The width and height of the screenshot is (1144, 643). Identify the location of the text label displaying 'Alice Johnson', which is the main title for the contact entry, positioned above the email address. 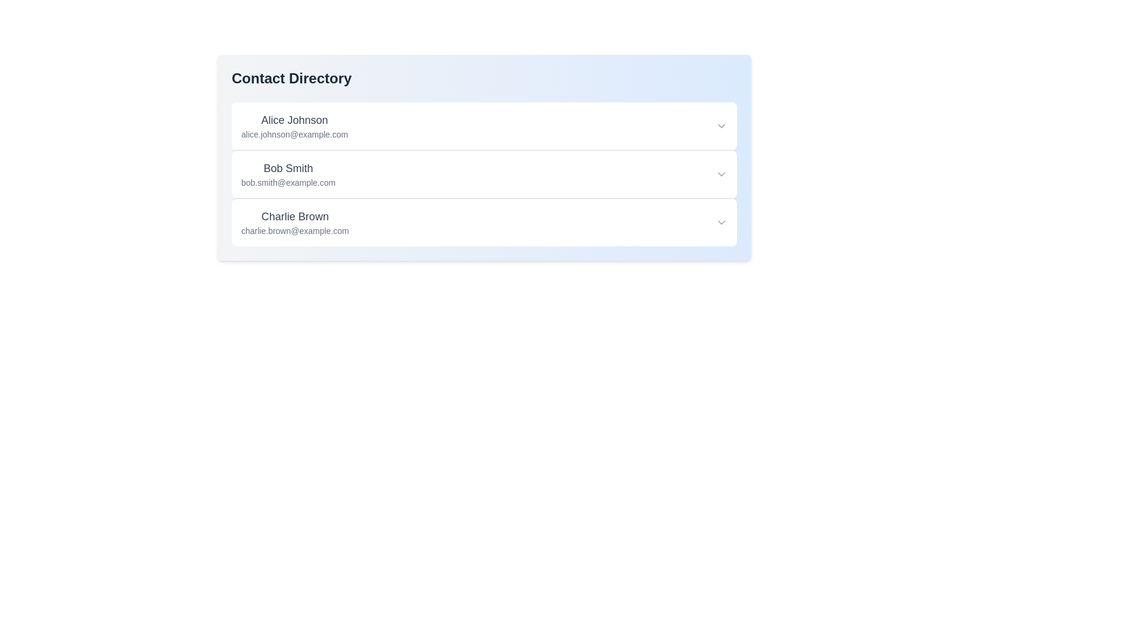
(294, 120).